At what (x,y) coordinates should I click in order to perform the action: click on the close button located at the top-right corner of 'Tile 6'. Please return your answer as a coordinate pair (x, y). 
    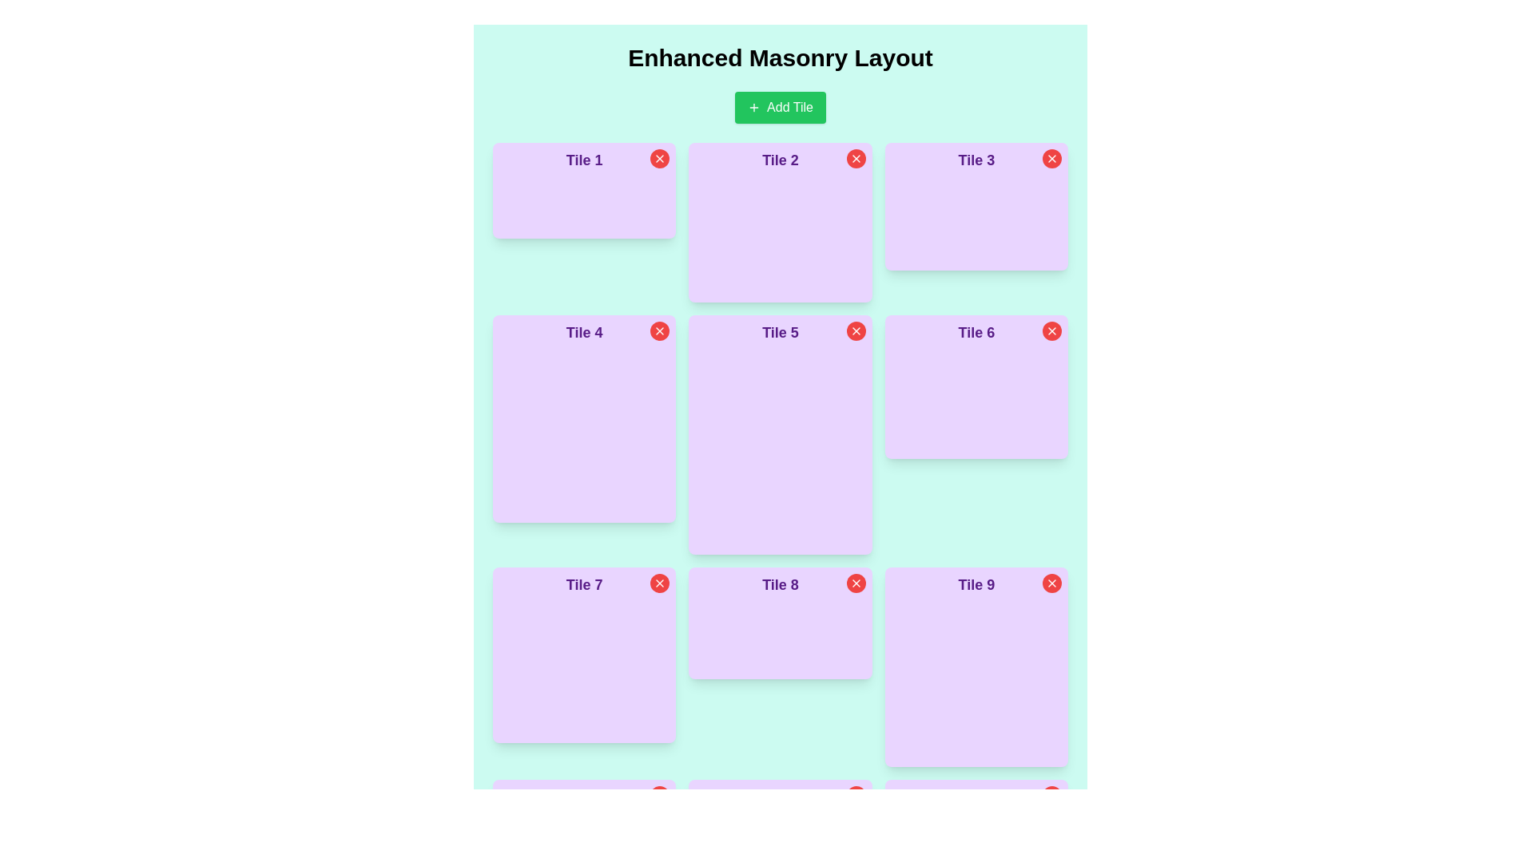
    Looking at the image, I should click on (1051, 330).